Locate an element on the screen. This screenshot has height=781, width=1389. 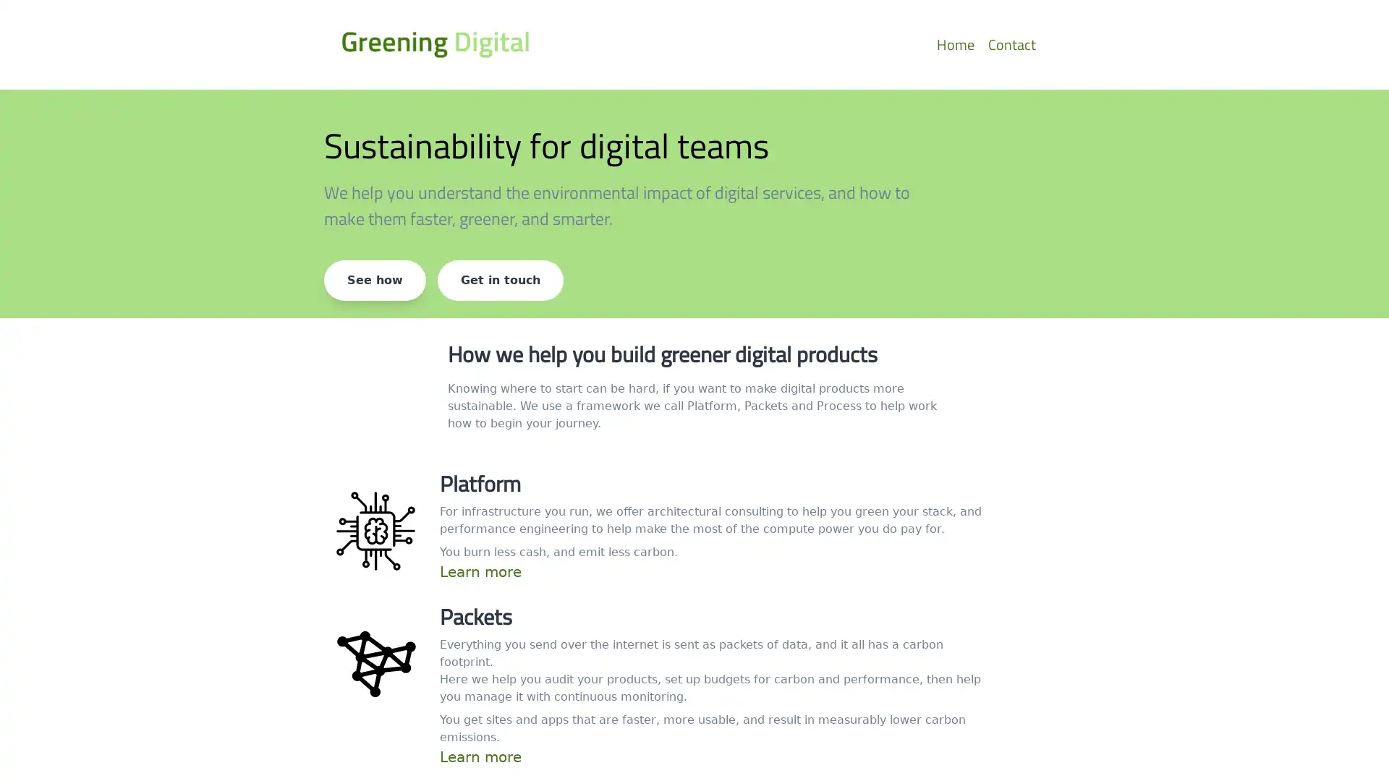
Get in touch is located at coordinates (500, 281).